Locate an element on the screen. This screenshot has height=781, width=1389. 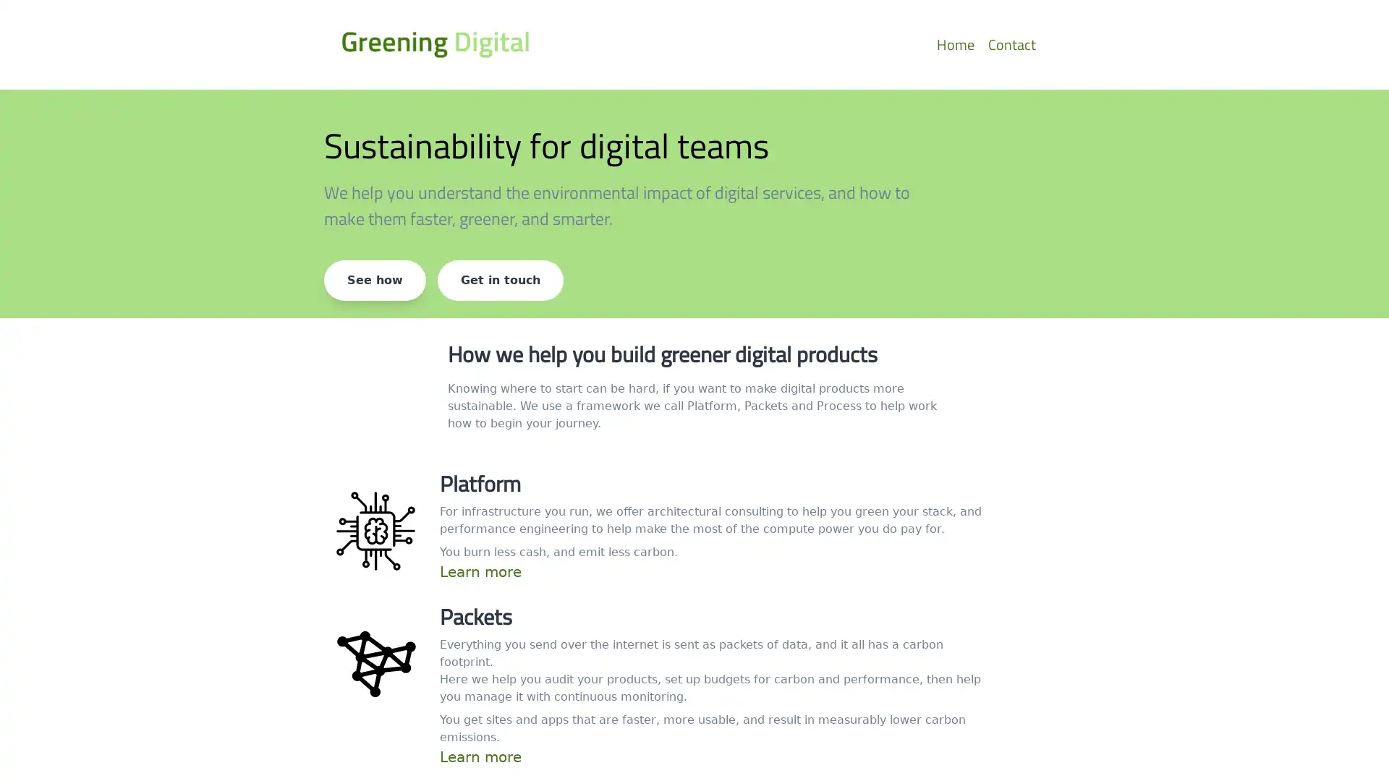
Get in touch is located at coordinates (500, 281).